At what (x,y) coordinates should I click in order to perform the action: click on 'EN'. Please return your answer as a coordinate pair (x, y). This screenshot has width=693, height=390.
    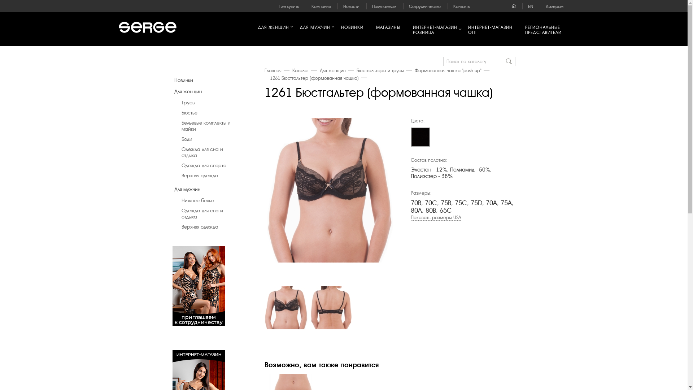
    Looking at the image, I should click on (530, 6).